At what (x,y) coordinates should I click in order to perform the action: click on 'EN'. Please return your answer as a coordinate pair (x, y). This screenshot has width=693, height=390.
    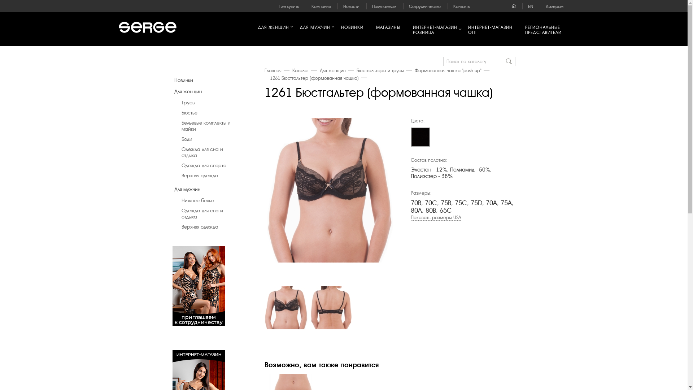
    Looking at the image, I should click on (530, 6).